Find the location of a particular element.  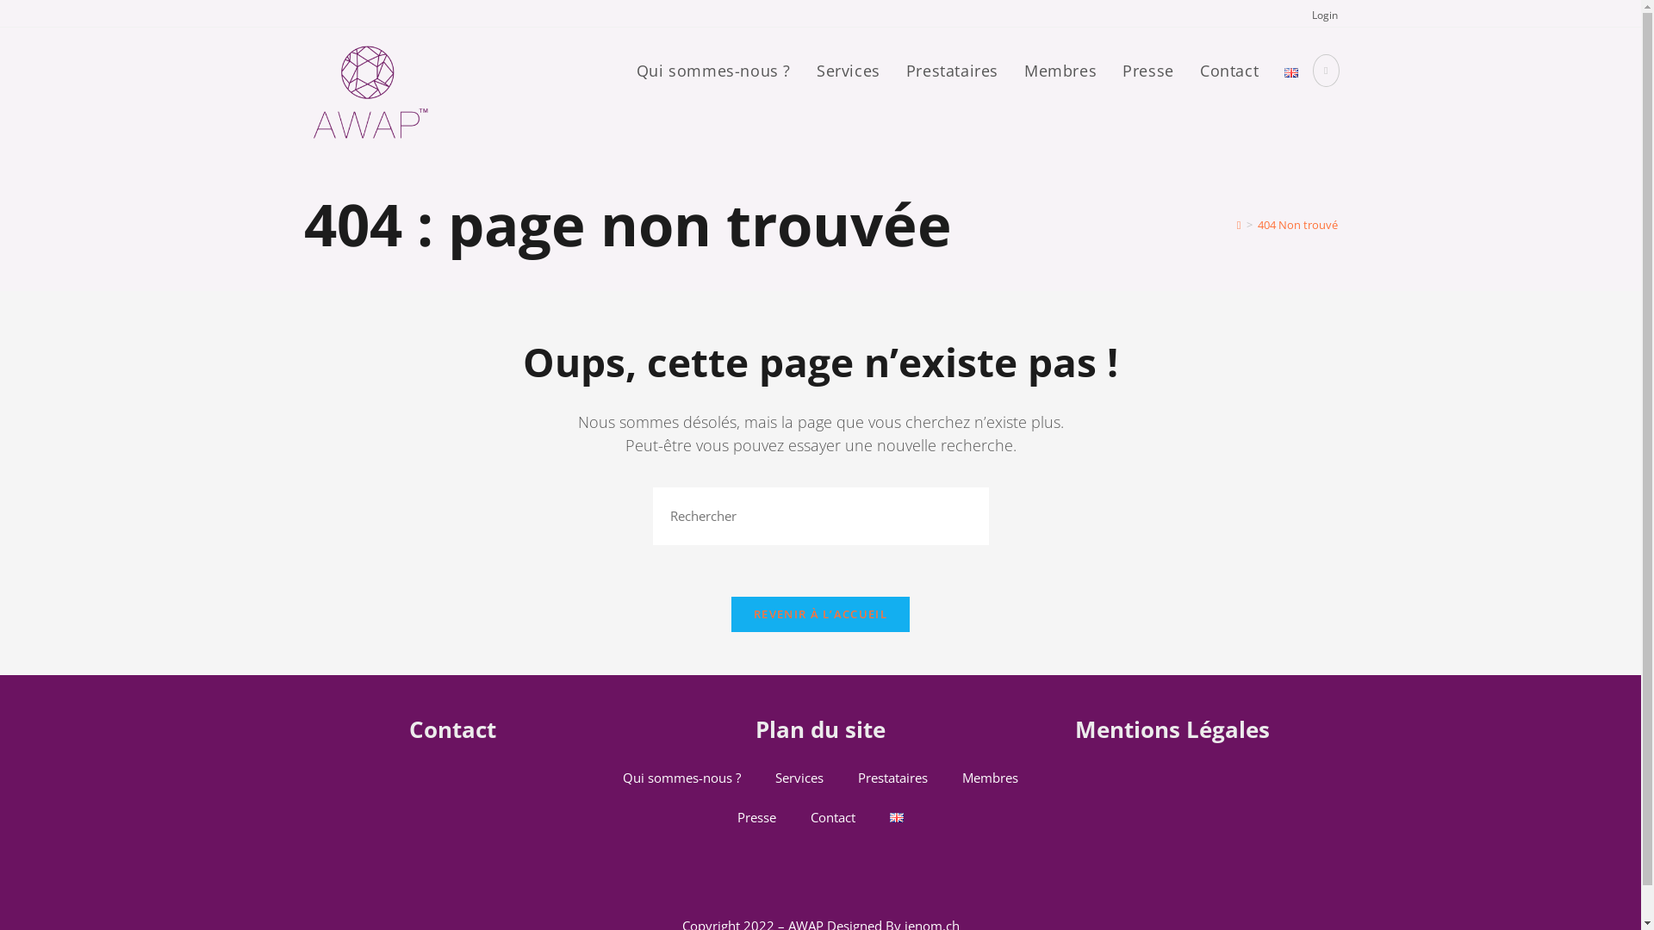

'Services' is located at coordinates (848, 71).